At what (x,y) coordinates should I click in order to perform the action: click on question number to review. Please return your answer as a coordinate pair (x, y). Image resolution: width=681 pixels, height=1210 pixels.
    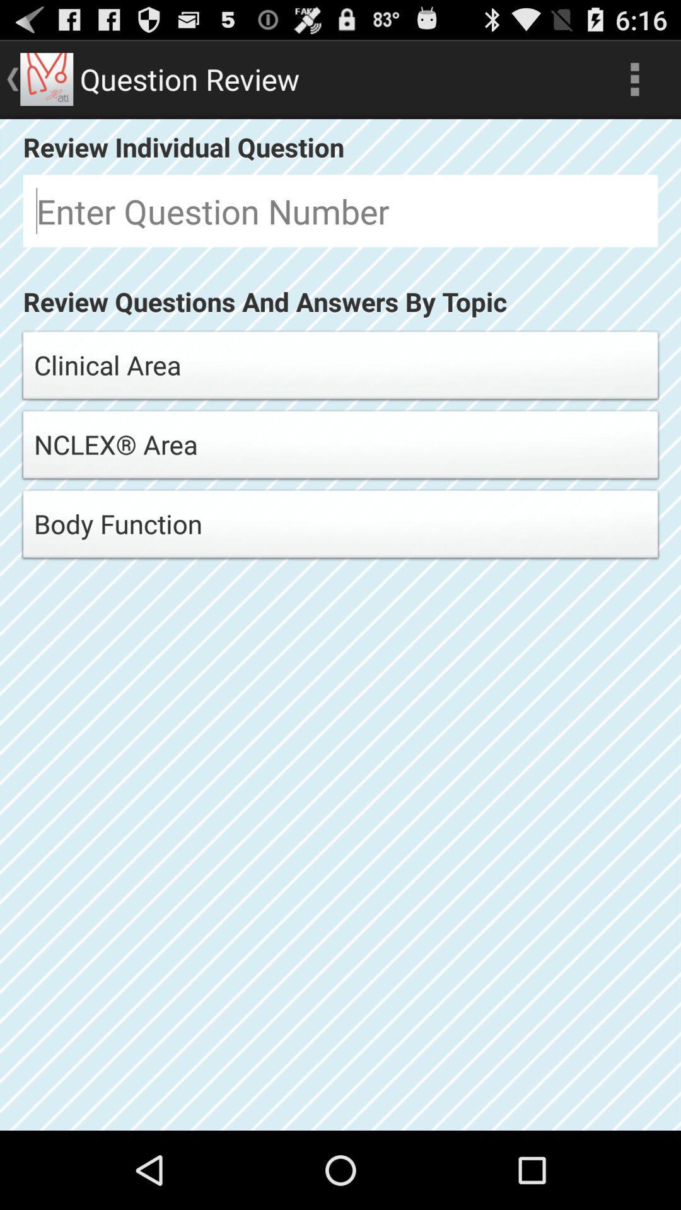
    Looking at the image, I should click on (340, 210).